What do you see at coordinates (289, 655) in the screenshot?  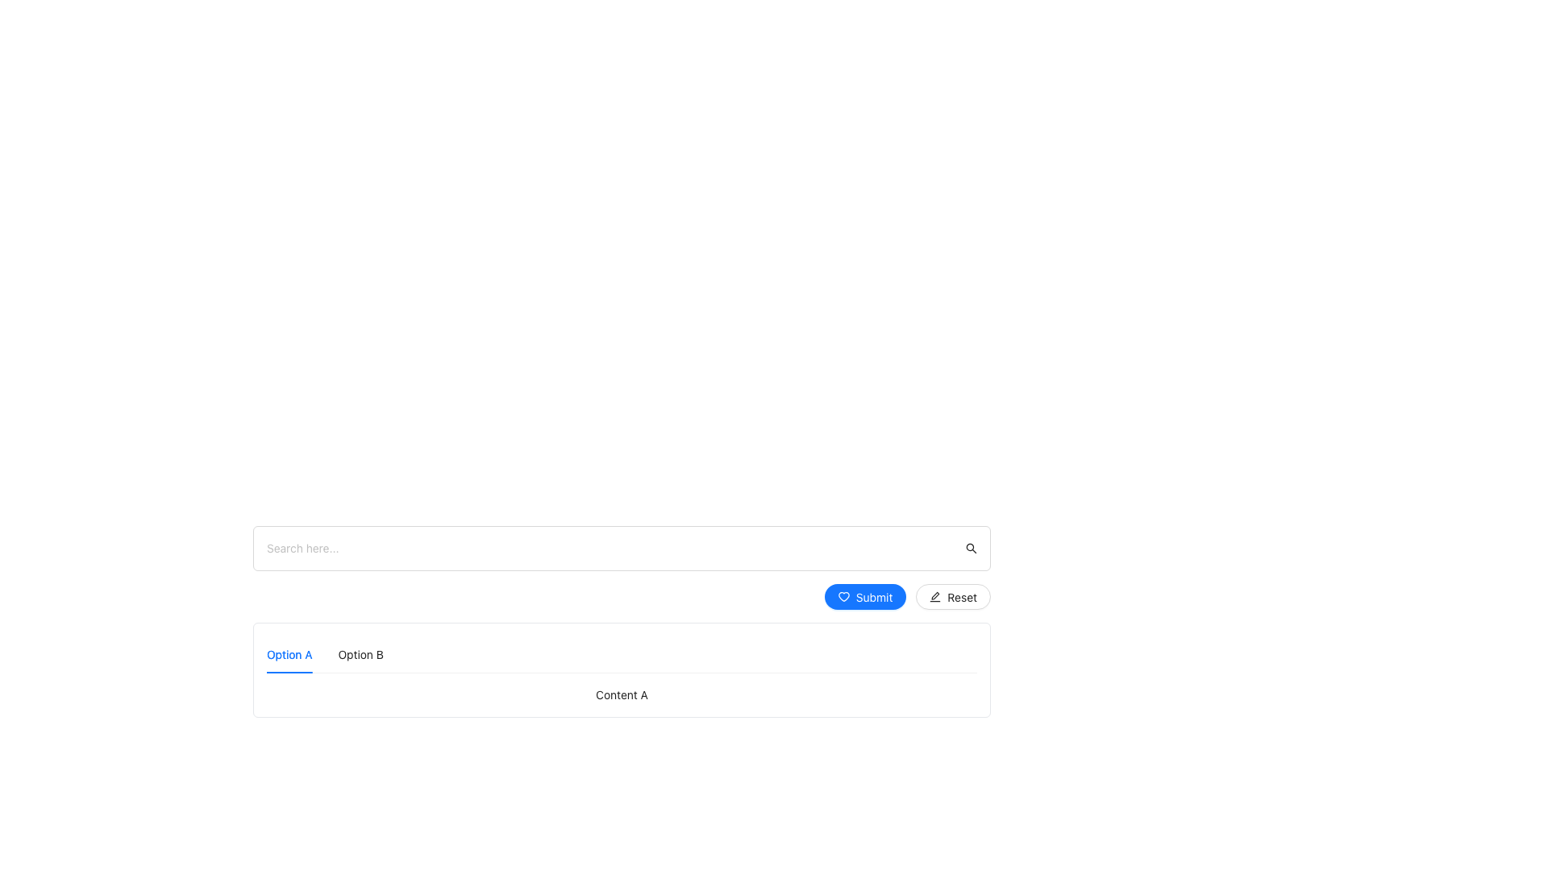 I see `the active tab labeled 'Option A'` at bounding box center [289, 655].